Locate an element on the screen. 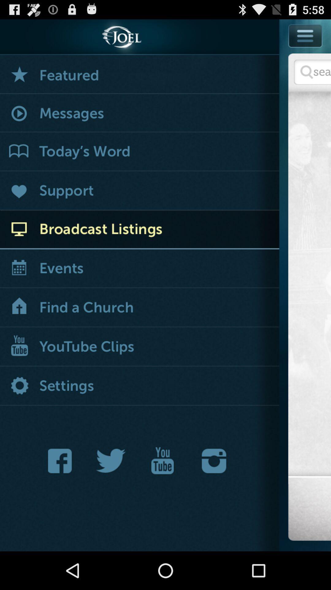  visit app 's twitter is located at coordinates (111, 461).